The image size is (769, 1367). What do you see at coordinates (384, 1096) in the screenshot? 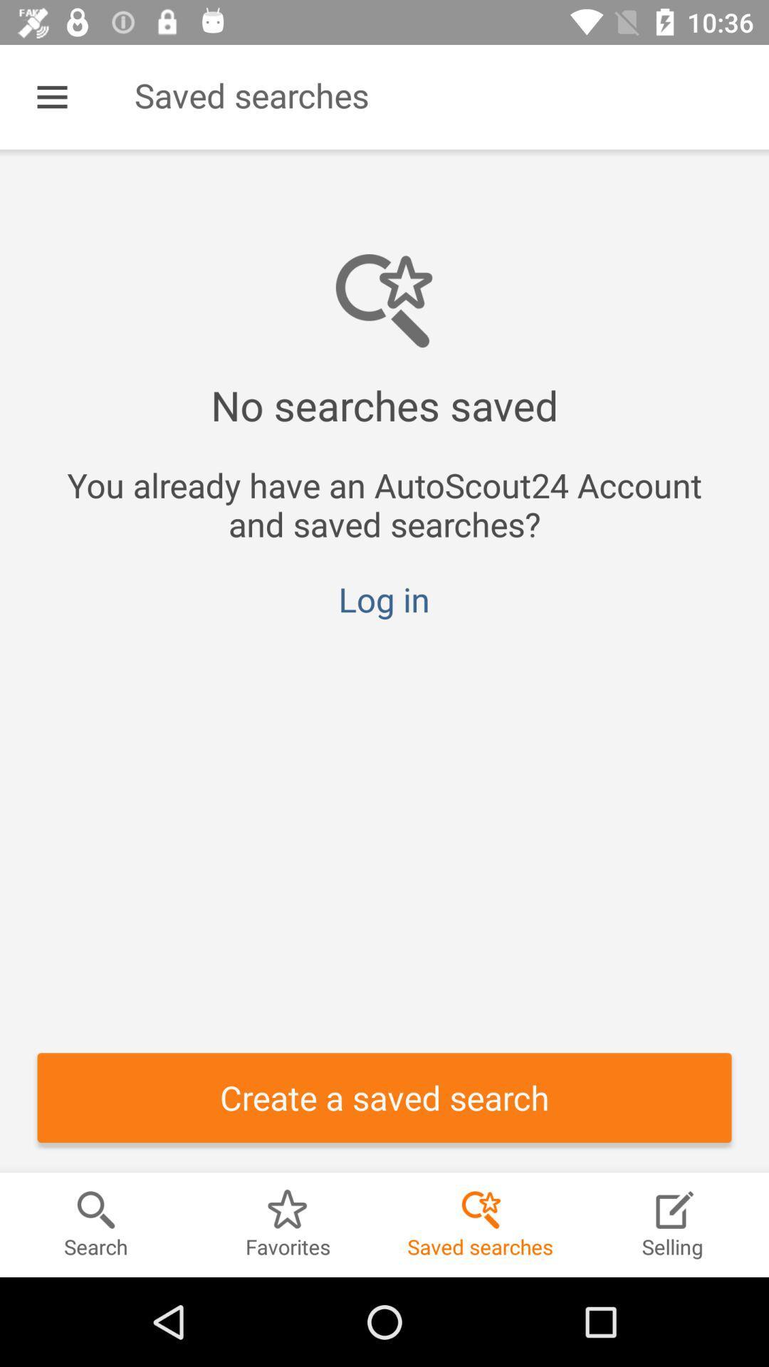
I see `the create a saved item` at bounding box center [384, 1096].